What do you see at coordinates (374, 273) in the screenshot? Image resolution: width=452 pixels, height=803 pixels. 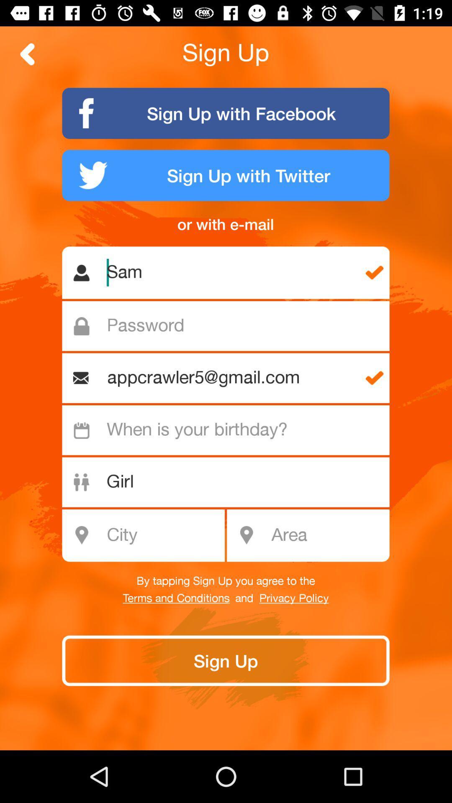 I see `the first tick symbol` at bounding box center [374, 273].